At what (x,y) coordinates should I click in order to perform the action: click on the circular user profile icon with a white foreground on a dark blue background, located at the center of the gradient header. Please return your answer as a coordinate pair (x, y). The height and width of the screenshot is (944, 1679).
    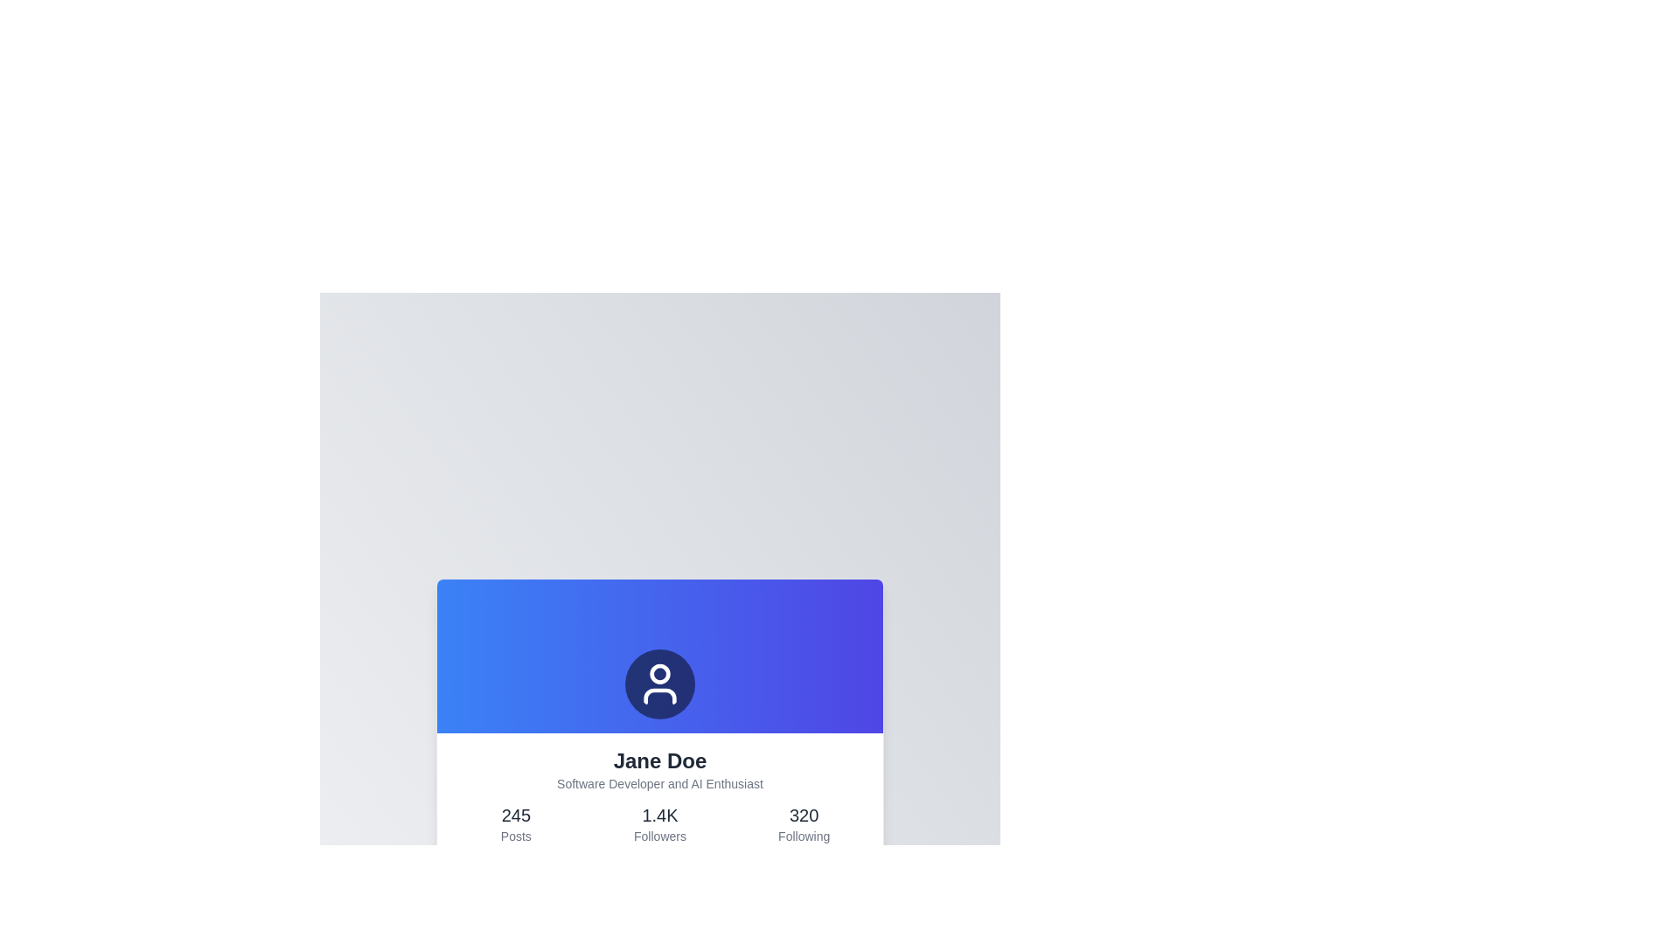
    Looking at the image, I should click on (658, 684).